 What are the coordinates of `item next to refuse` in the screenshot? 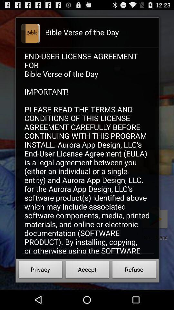 It's located at (87, 270).